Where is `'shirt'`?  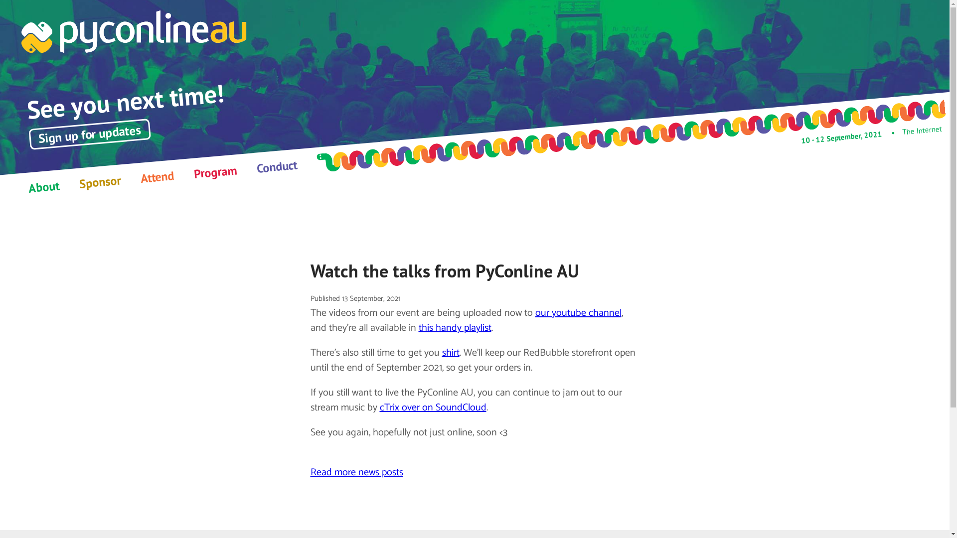
'shirt' is located at coordinates (450, 352).